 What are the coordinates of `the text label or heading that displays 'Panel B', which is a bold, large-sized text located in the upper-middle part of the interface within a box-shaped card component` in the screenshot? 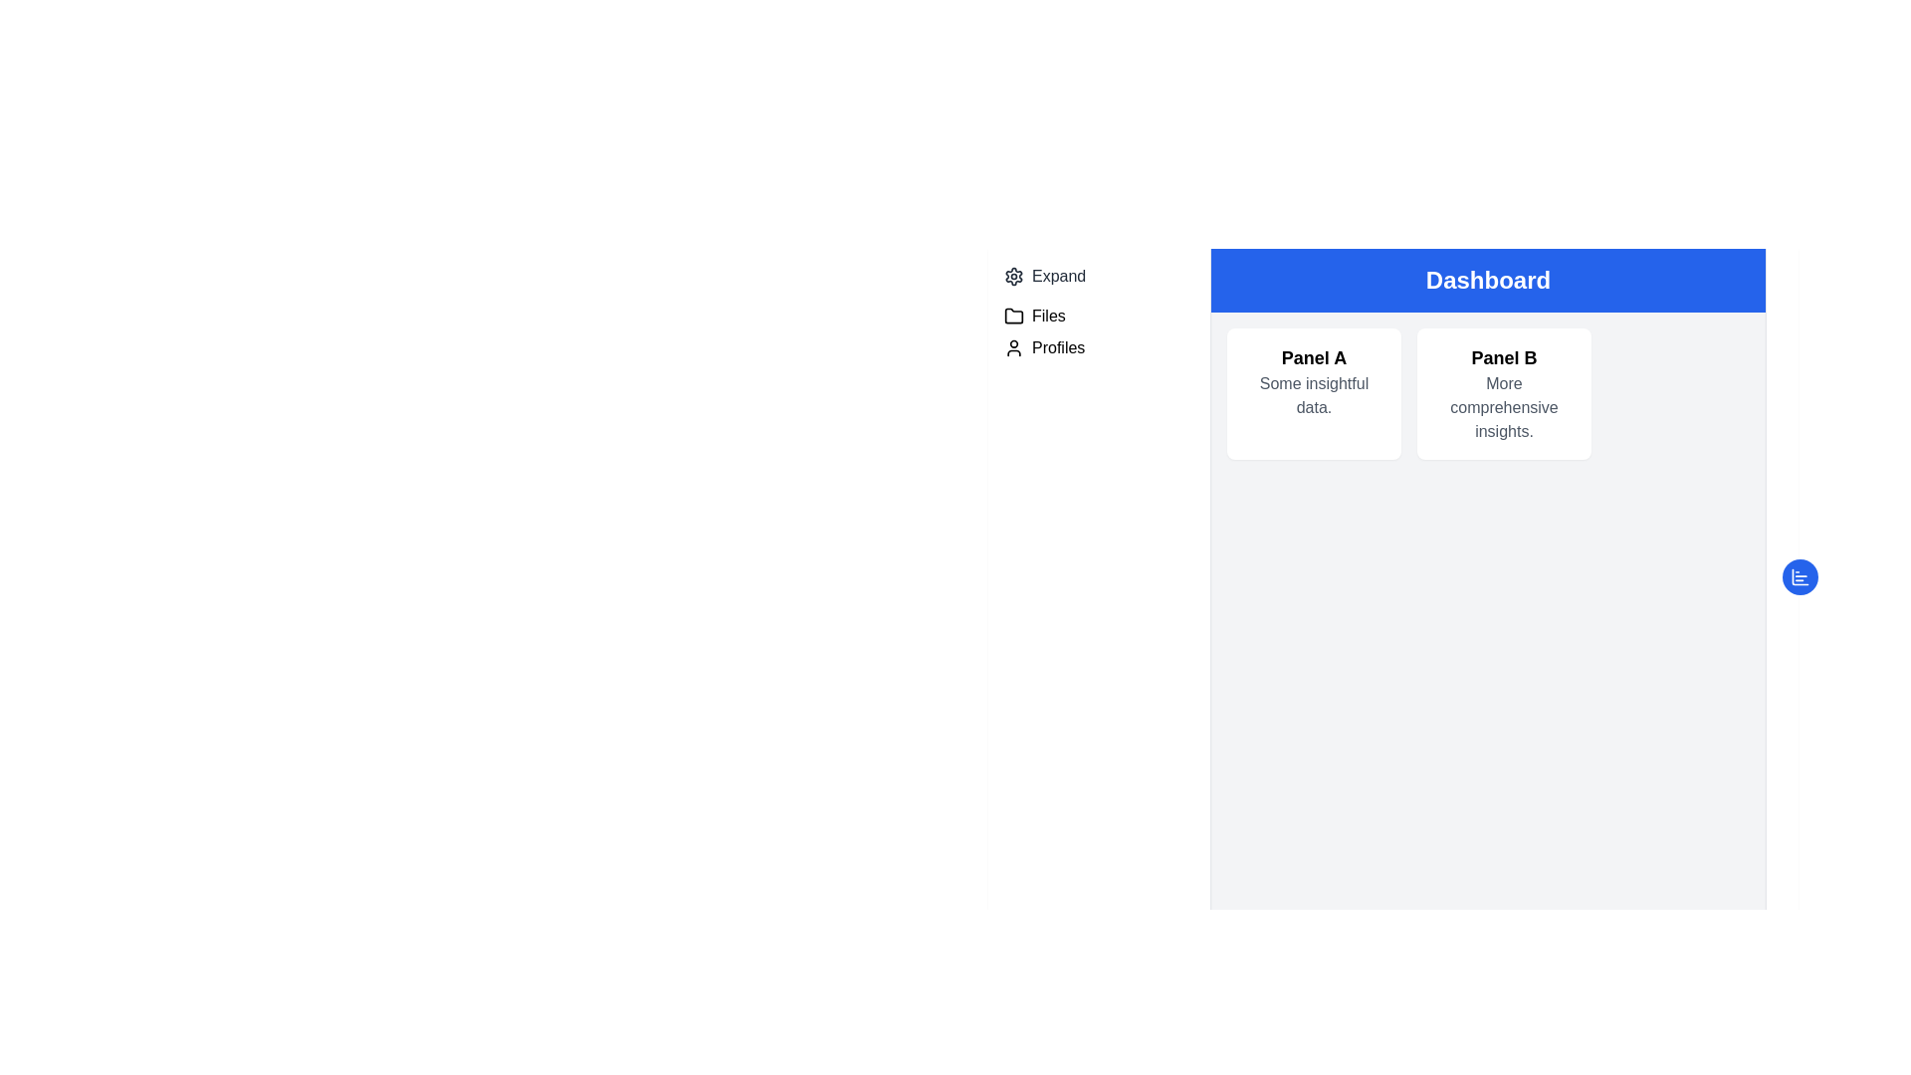 It's located at (1504, 356).